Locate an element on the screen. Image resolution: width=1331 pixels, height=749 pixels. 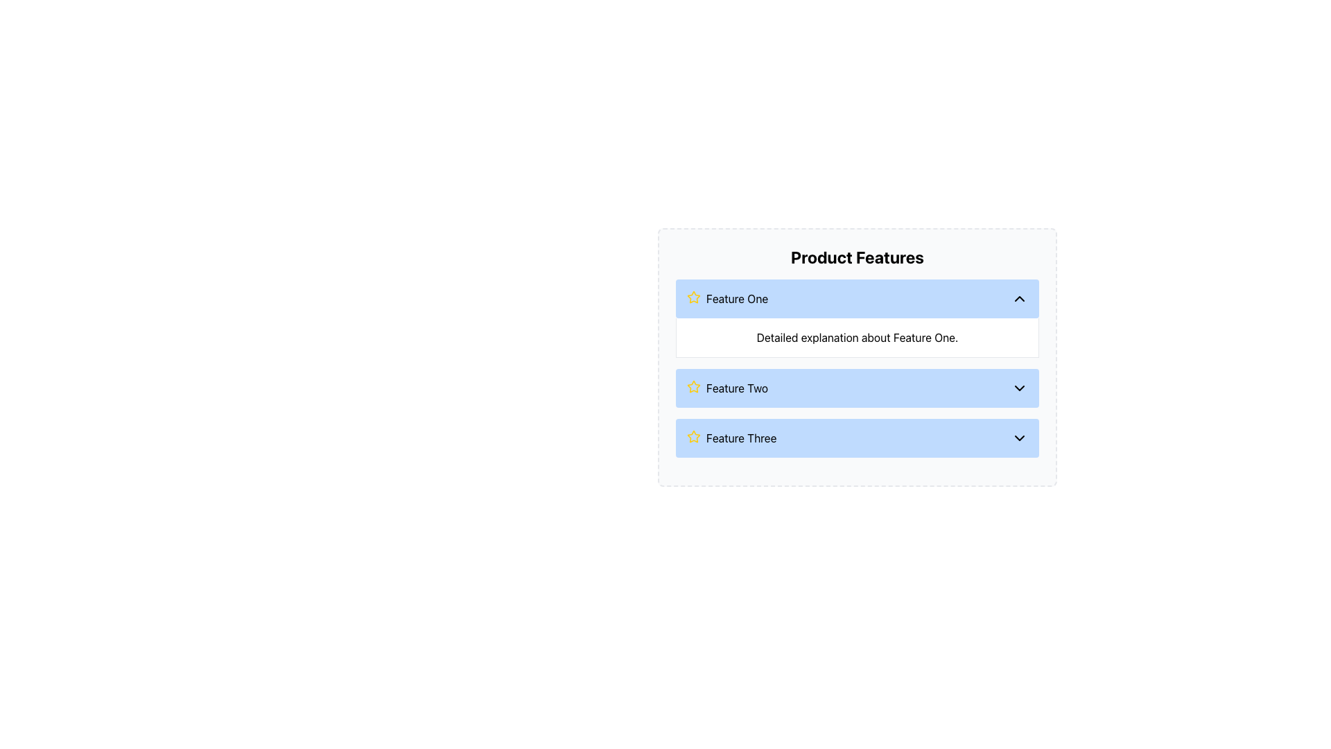
the chevron icon located at the far right edge of the 'Feature Three' section is located at coordinates (1019, 438).